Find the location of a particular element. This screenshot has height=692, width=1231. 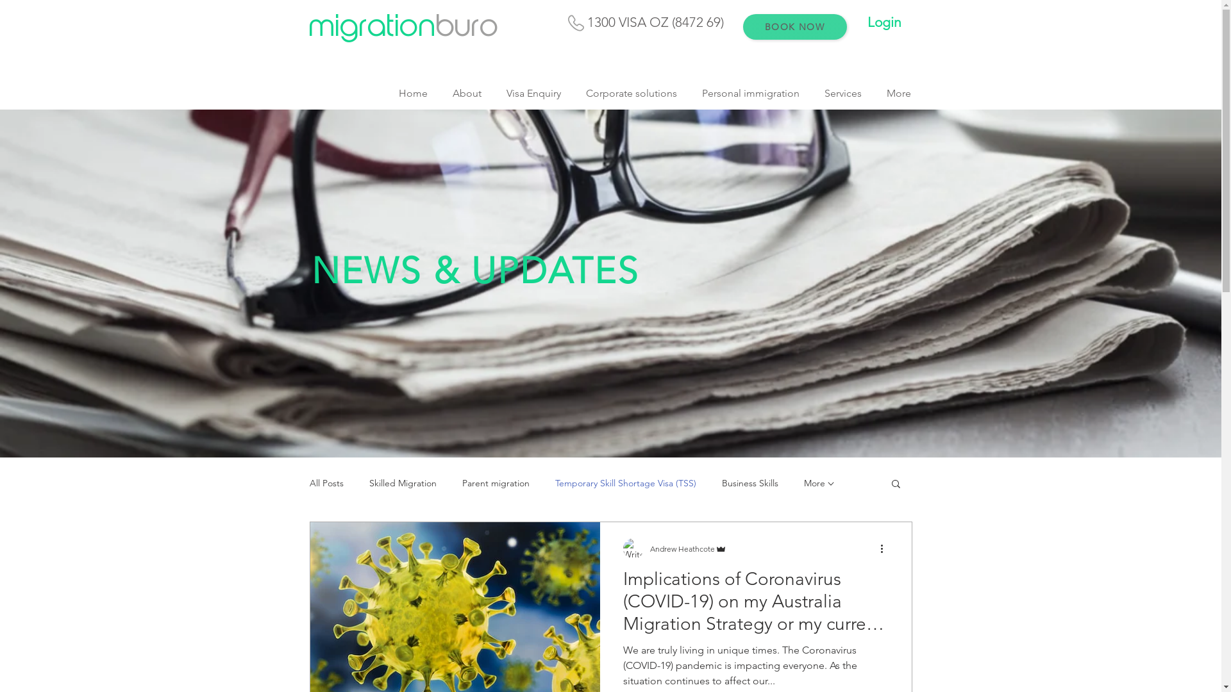

'Business Skills' is located at coordinates (750, 482).